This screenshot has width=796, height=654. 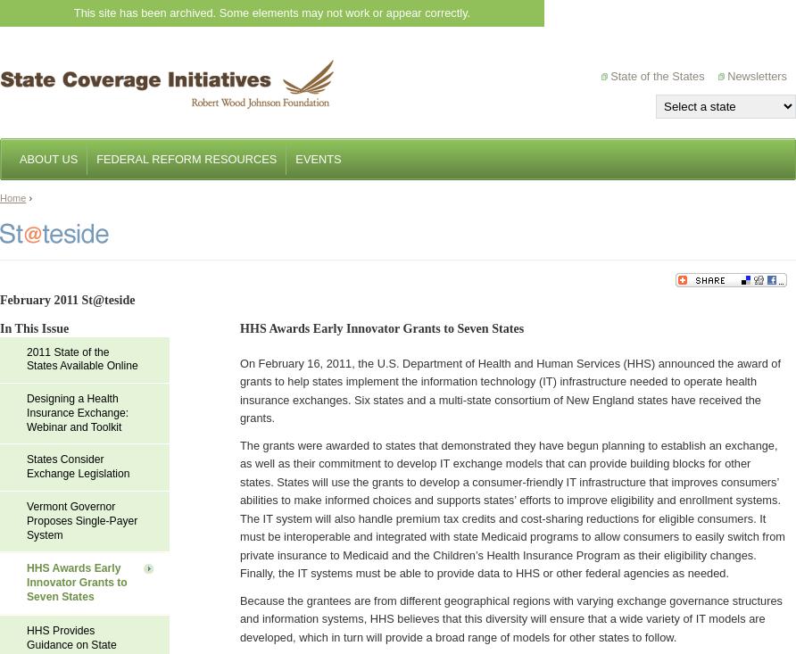 What do you see at coordinates (12, 198) in the screenshot?
I see `'Home'` at bounding box center [12, 198].